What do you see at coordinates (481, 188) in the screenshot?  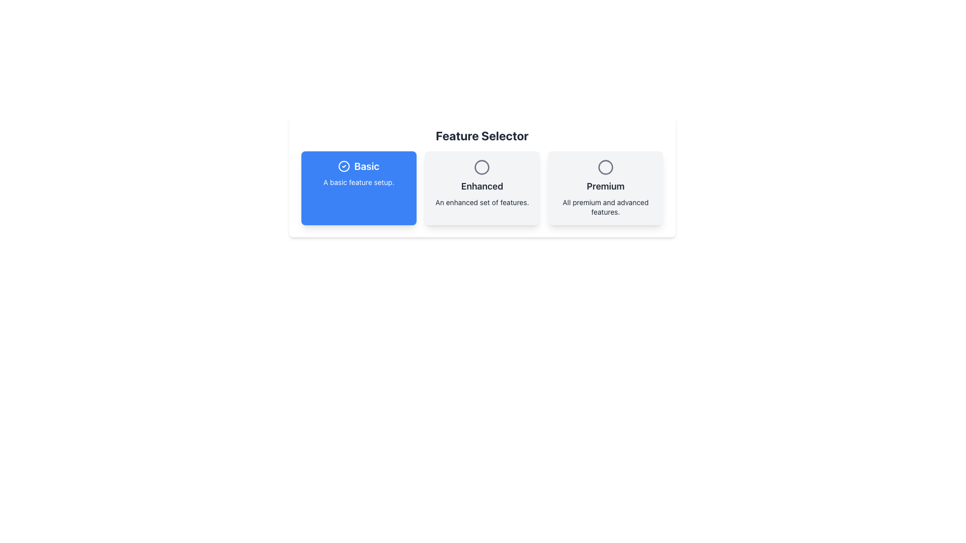 I see `the middle option of the Interactive selection grid located under the title 'Feature Selector'` at bounding box center [481, 188].